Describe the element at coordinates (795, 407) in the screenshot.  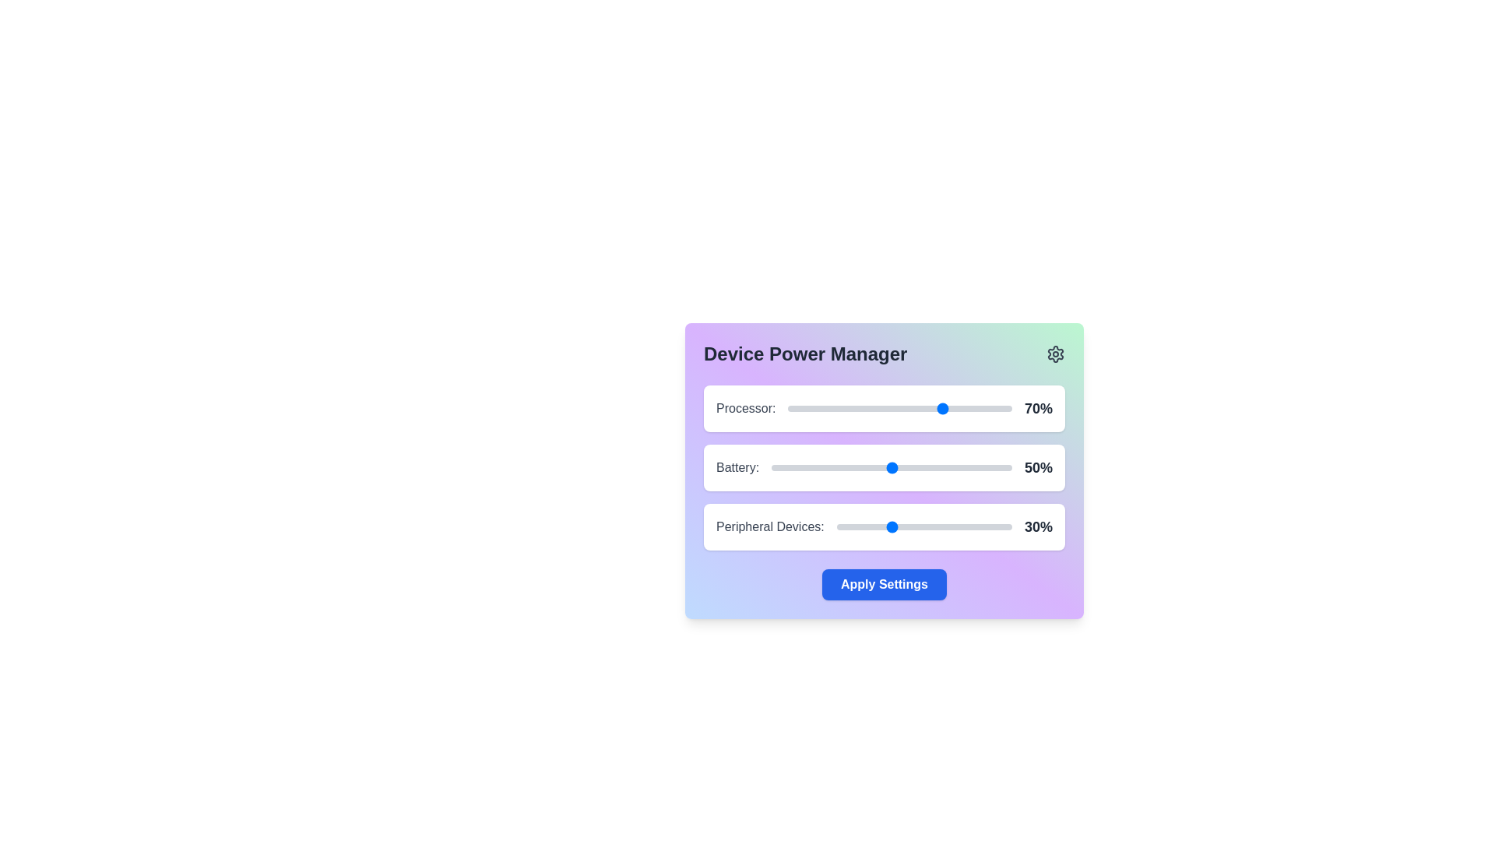
I see `the 'Processor' slider to 3% power` at that location.